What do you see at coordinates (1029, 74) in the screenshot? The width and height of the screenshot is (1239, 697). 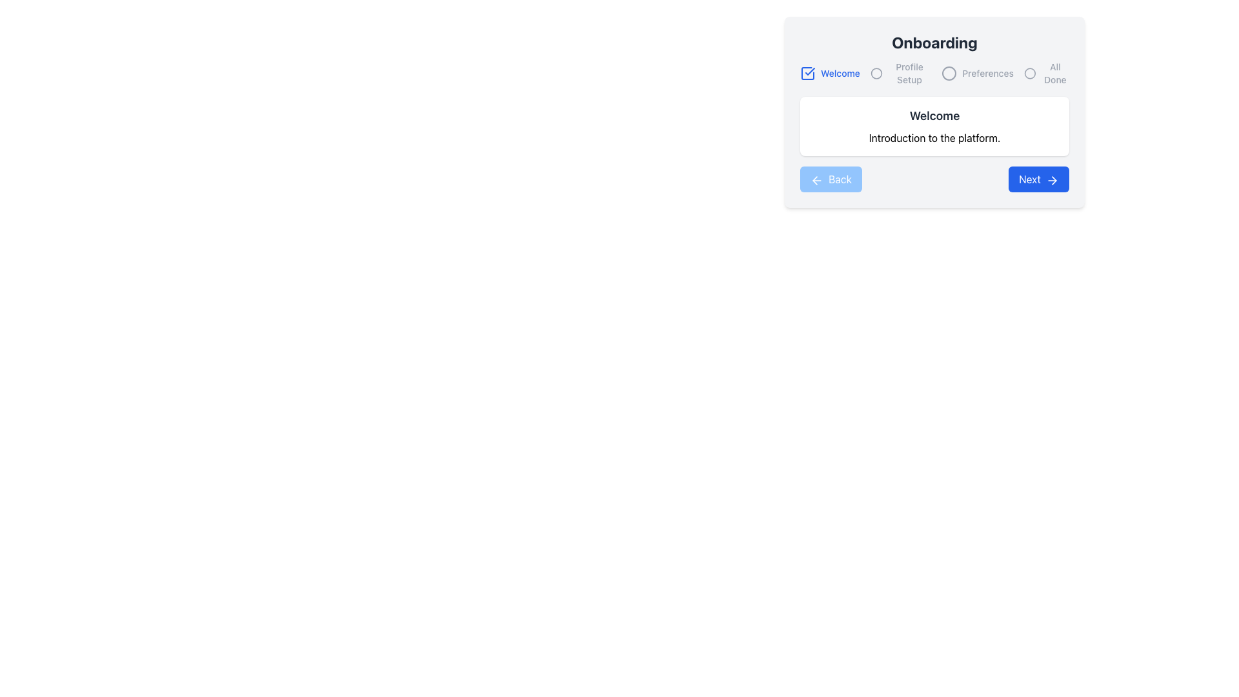 I see `progress step indicator icon representing the 'All Done' stage of the onboarding flow, located in the upper-right section of the interface` at bounding box center [1029, 74].